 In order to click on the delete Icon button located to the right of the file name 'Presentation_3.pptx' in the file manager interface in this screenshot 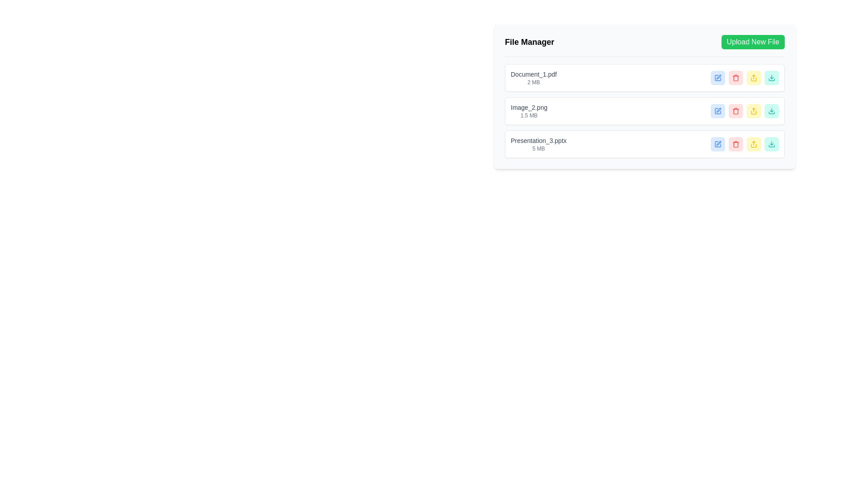, I will do `click(736, 143)`.